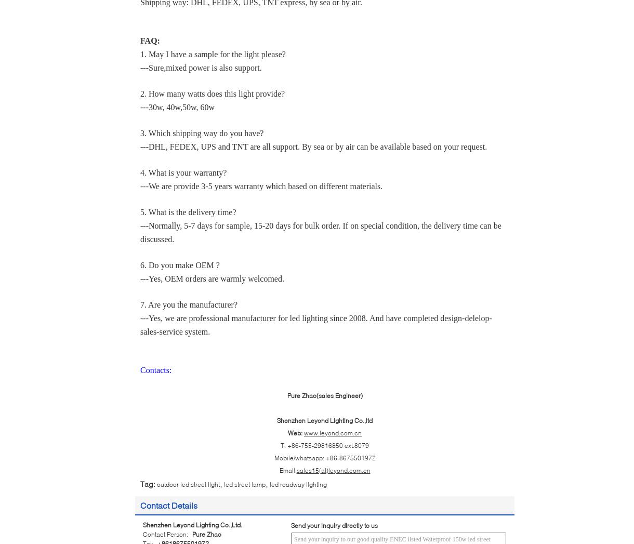 The height and width of the screenshot is (544, 634). I want to click on 'FAQ:', so click(139, 40).